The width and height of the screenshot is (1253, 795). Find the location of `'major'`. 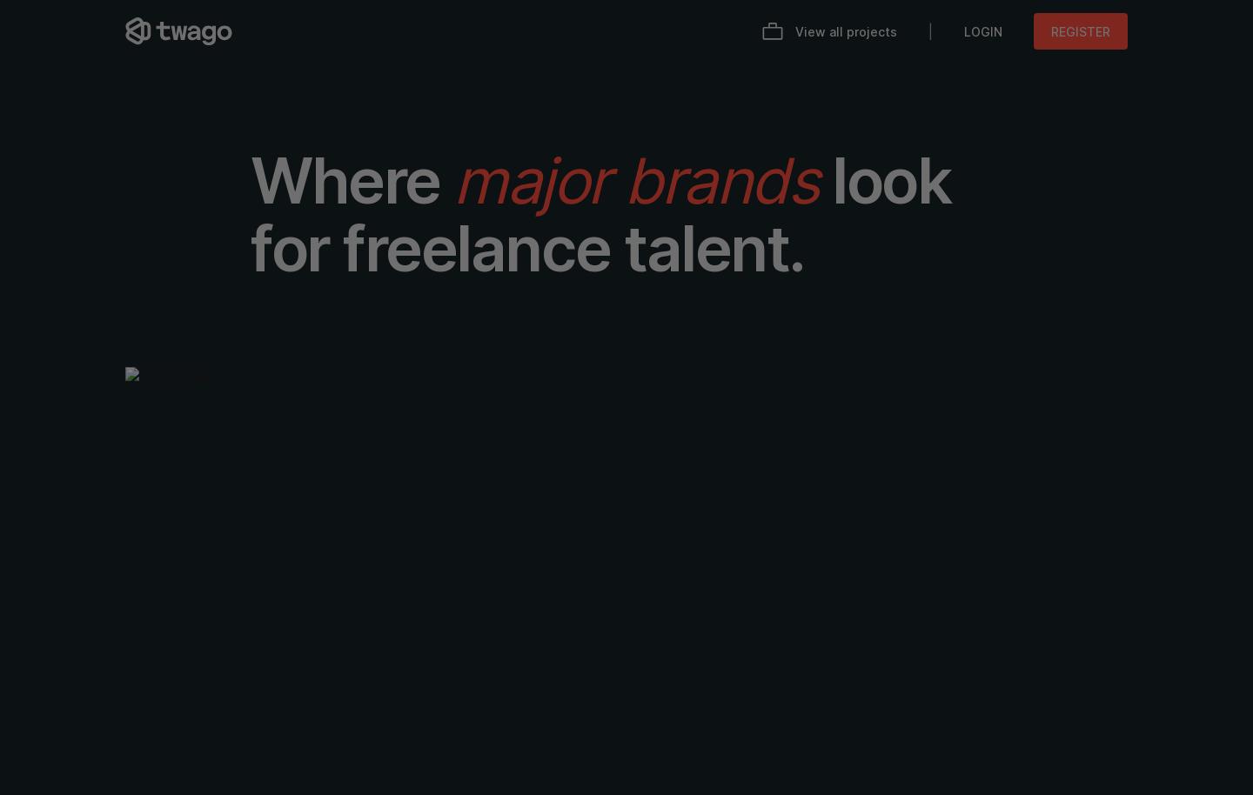

'major' is located at coordinates (529, 180).